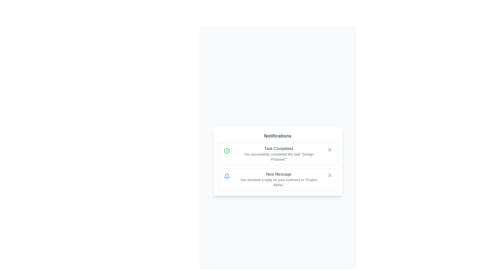 The height and width of the screenshot is (271, 482). Describe the element at coordinates (278, 154) in the screenshot. I see `the notification text to select it` at that location.